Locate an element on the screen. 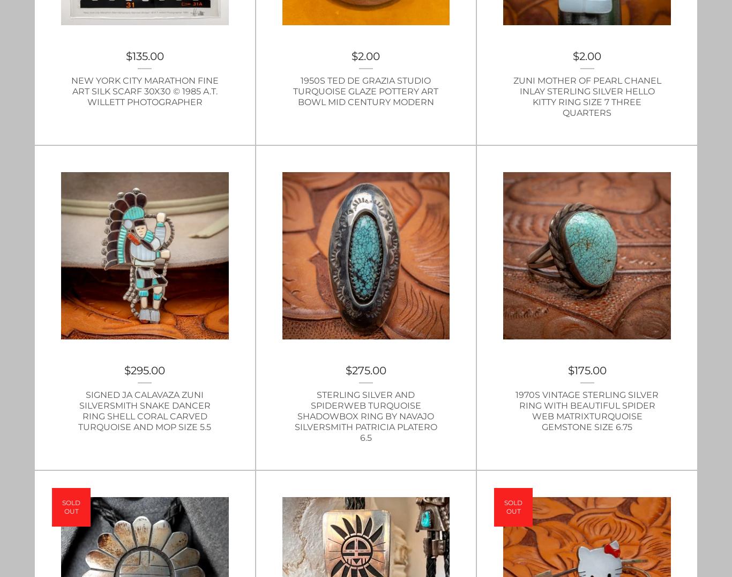 This screenshot has height=577, width=732. '175.00' is located at coordinates (589, 371).